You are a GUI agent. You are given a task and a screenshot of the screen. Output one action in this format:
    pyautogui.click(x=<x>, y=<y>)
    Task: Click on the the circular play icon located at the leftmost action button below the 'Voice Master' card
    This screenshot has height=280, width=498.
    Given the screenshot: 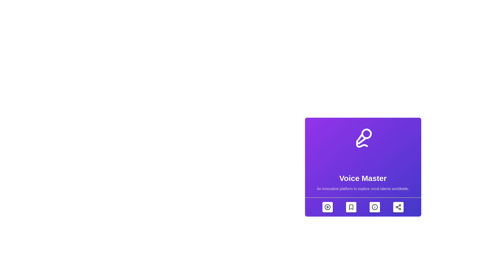 What is the action you would take?
    pyautogui.click(x=327, y=207)
    